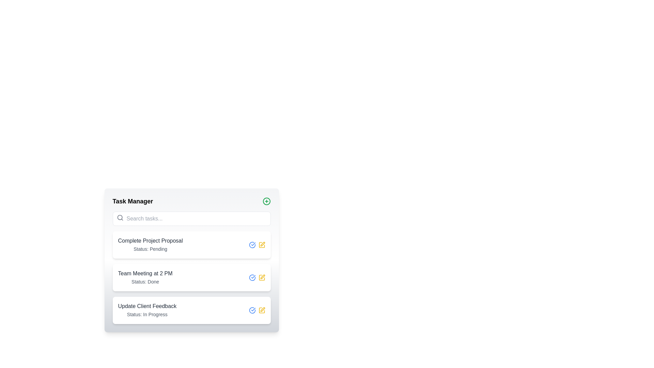  Describe the element at coordinates (147, 310) in the screenshot. I see `title and status of the task entry represented by the text block, which is the third entry from the top in the task list panel` at that location.